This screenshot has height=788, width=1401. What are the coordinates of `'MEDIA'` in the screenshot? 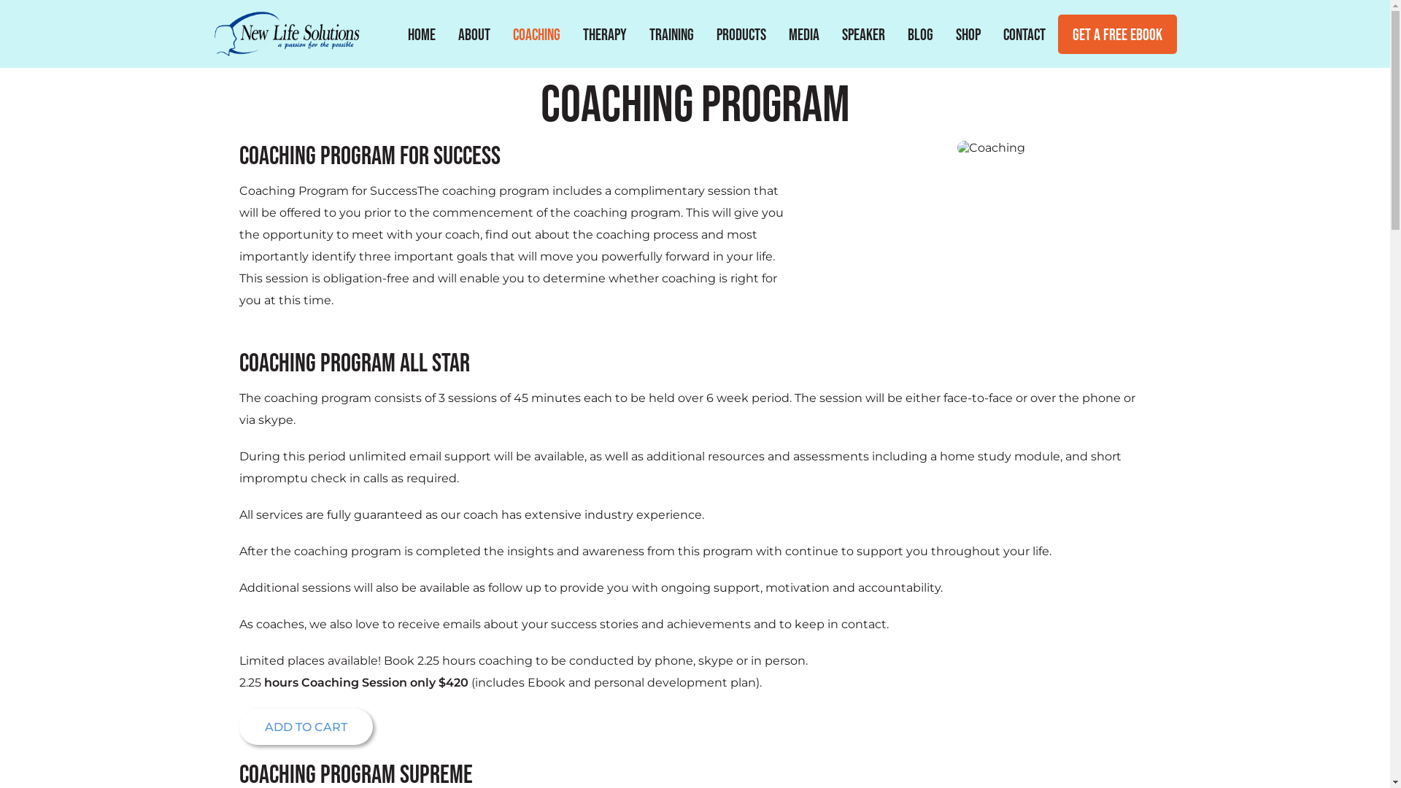 It's located at (803, 33).